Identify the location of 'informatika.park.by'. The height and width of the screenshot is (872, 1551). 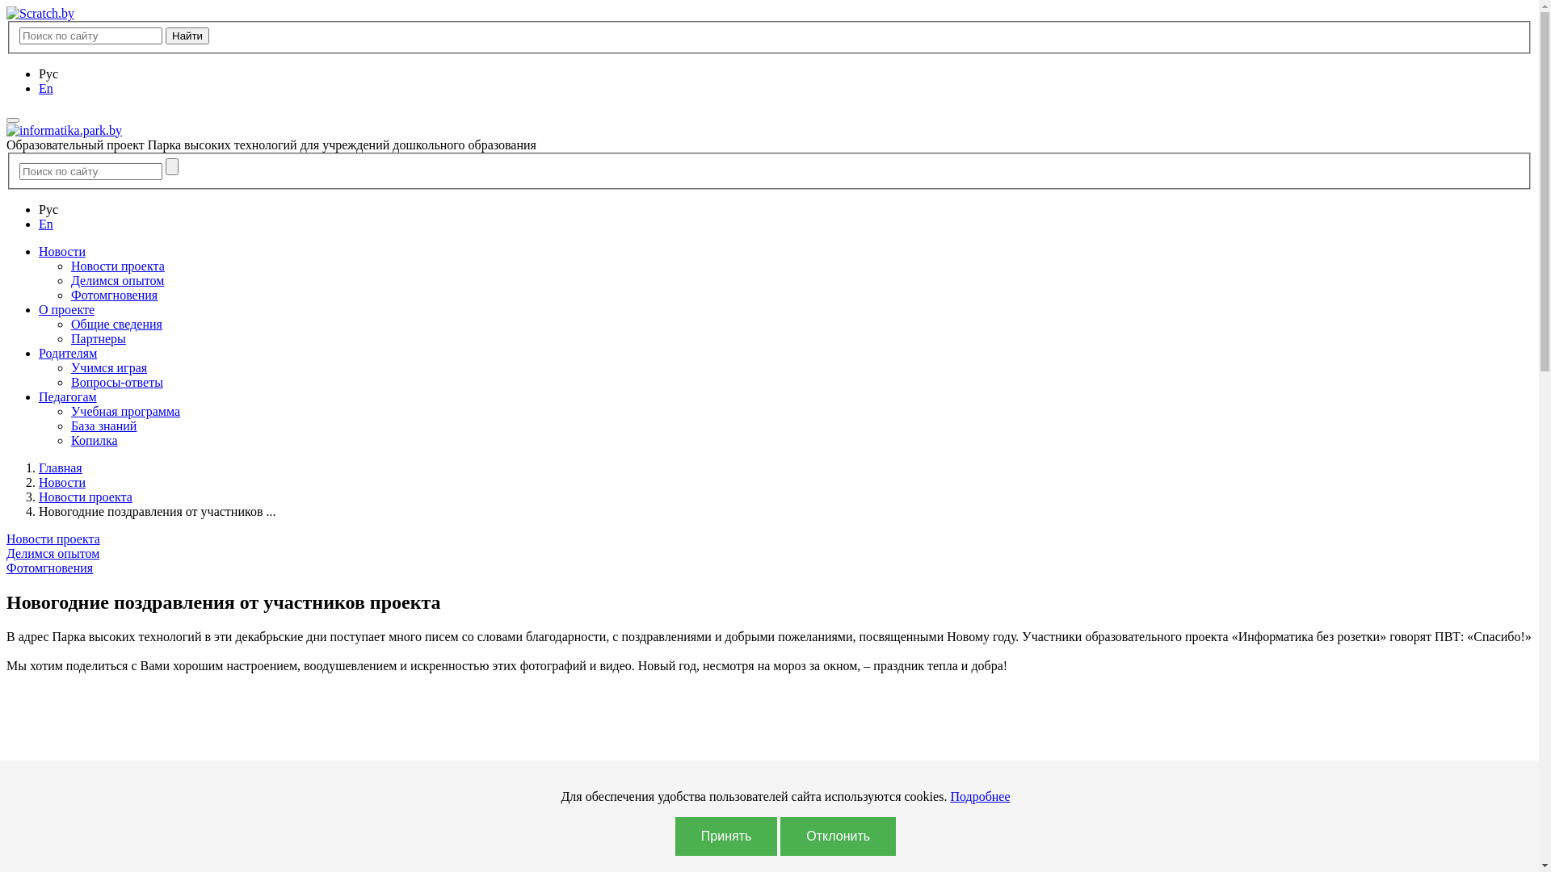
(64, 130).